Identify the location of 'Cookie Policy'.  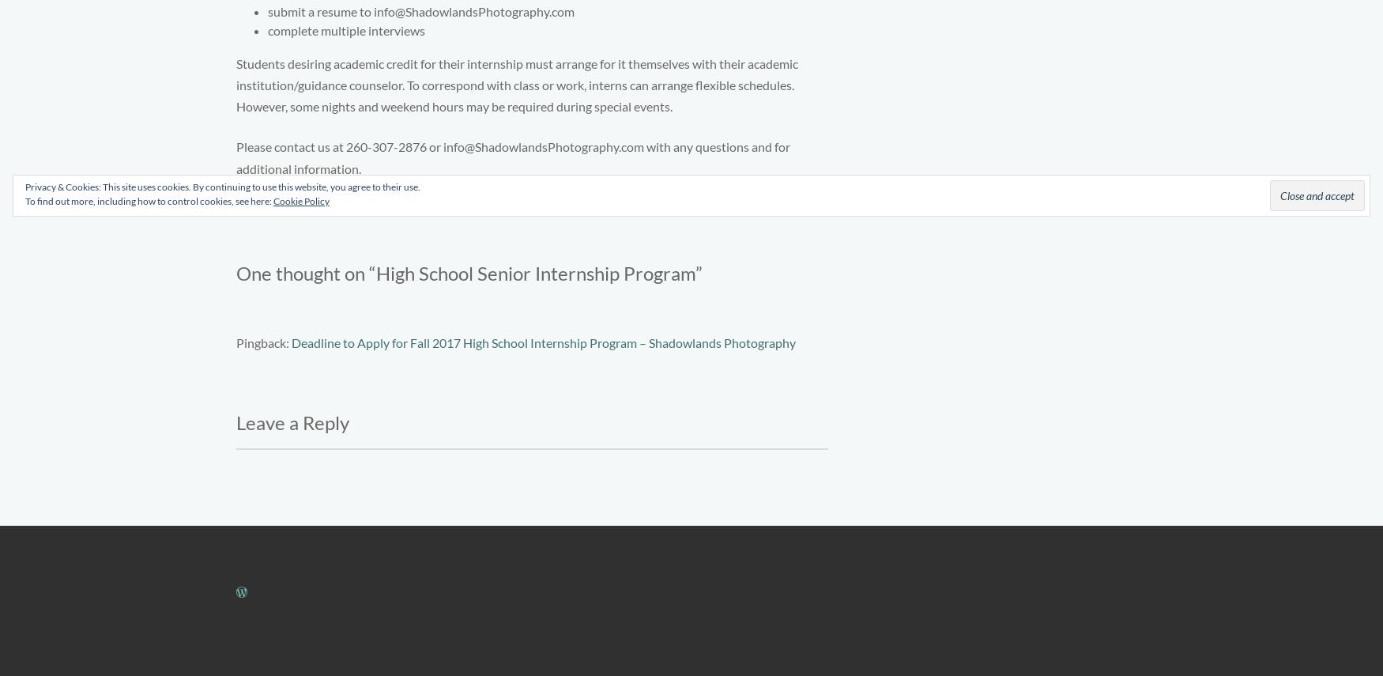
(273, 200).